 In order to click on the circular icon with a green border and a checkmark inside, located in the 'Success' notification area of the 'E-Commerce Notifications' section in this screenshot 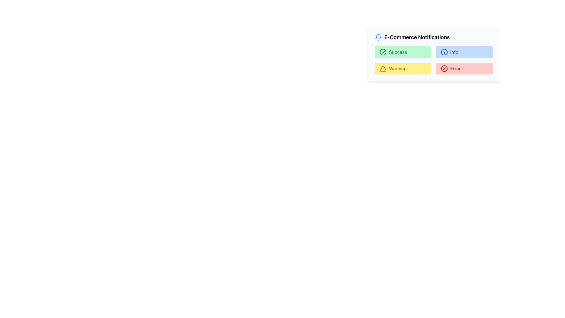, I will do `click(383, 52)`.